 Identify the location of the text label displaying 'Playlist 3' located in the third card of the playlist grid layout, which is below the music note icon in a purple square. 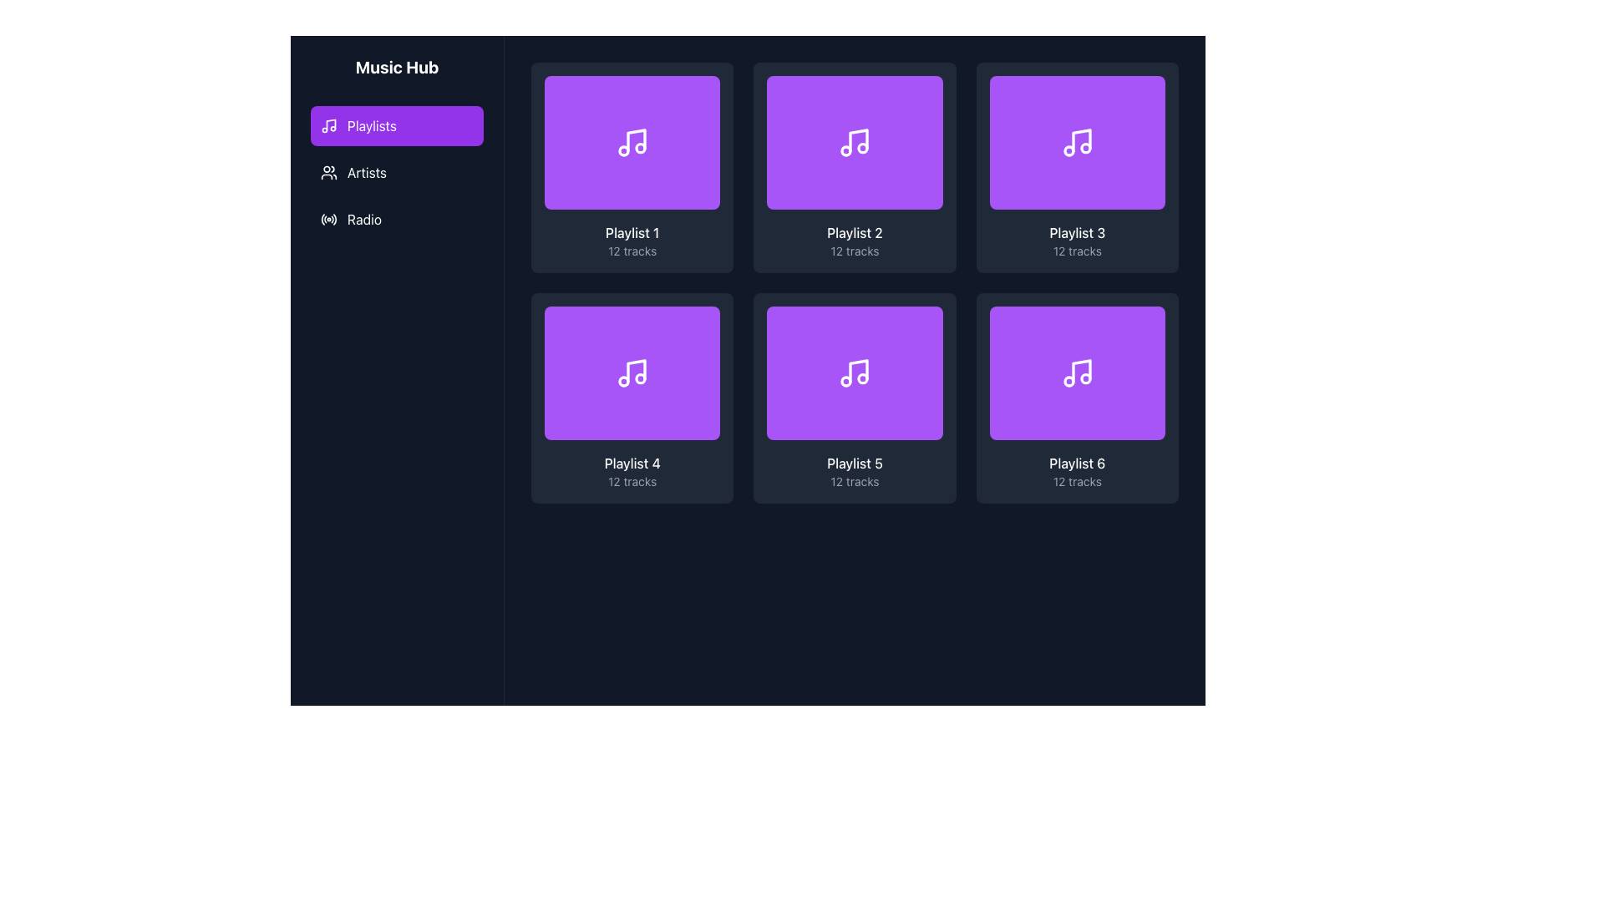
(1077, 232).